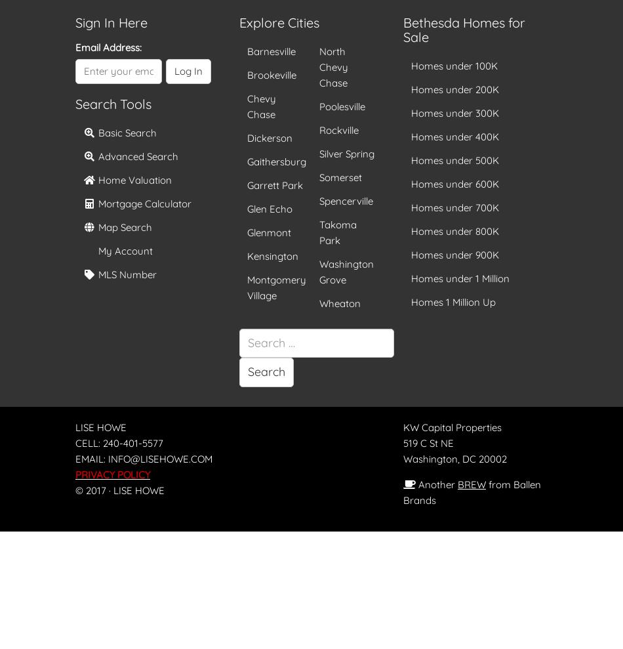 Image resolution: width=623 pixels, height=649 pixels. Describe the element at coordinates (454, 207) in the screenshot. I see `'Homes under 700K'` at that location.